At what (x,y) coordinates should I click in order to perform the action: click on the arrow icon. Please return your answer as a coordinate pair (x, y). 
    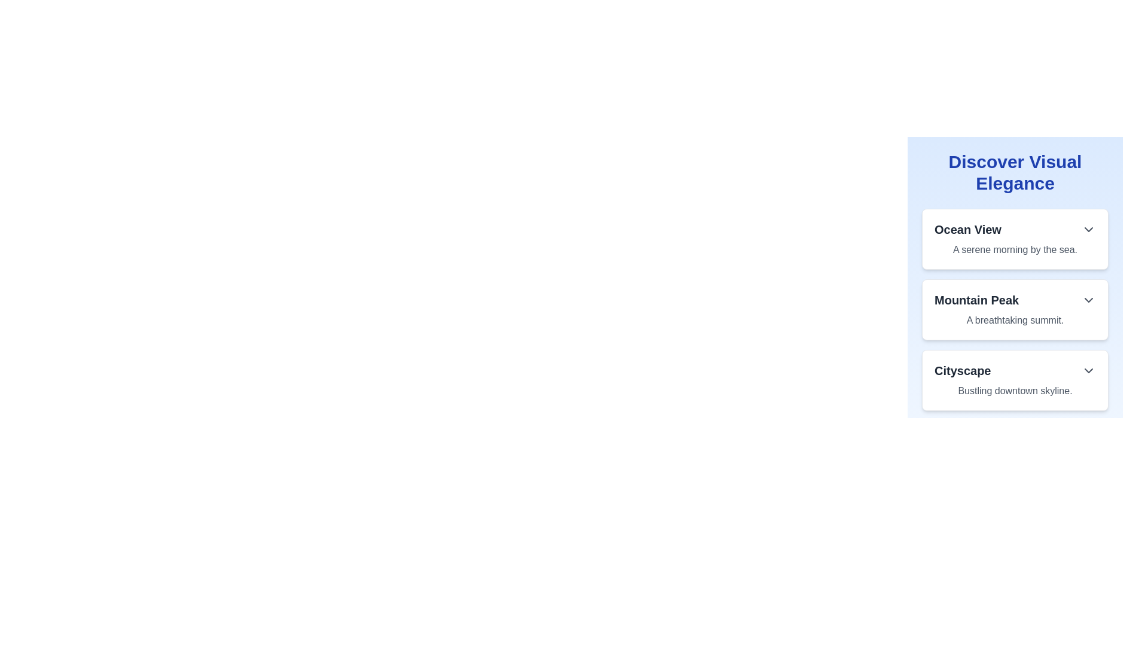
    Looking at the image, I should click on (1015, 309).